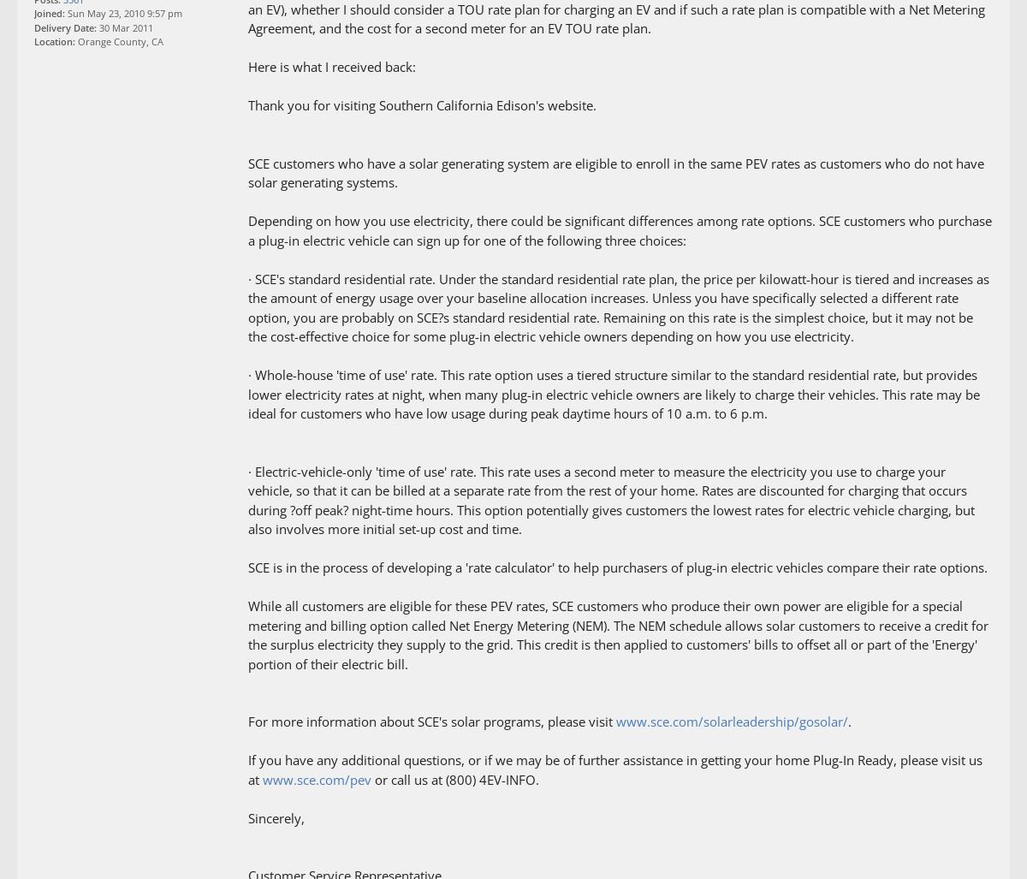 This screenshot has height=879, width=1027. What do you see at coordinates (421, 105) in the screenshot?
I see `'Thank you  for visiting Southern California Edison's website.'` at bounding box center [421, 105].